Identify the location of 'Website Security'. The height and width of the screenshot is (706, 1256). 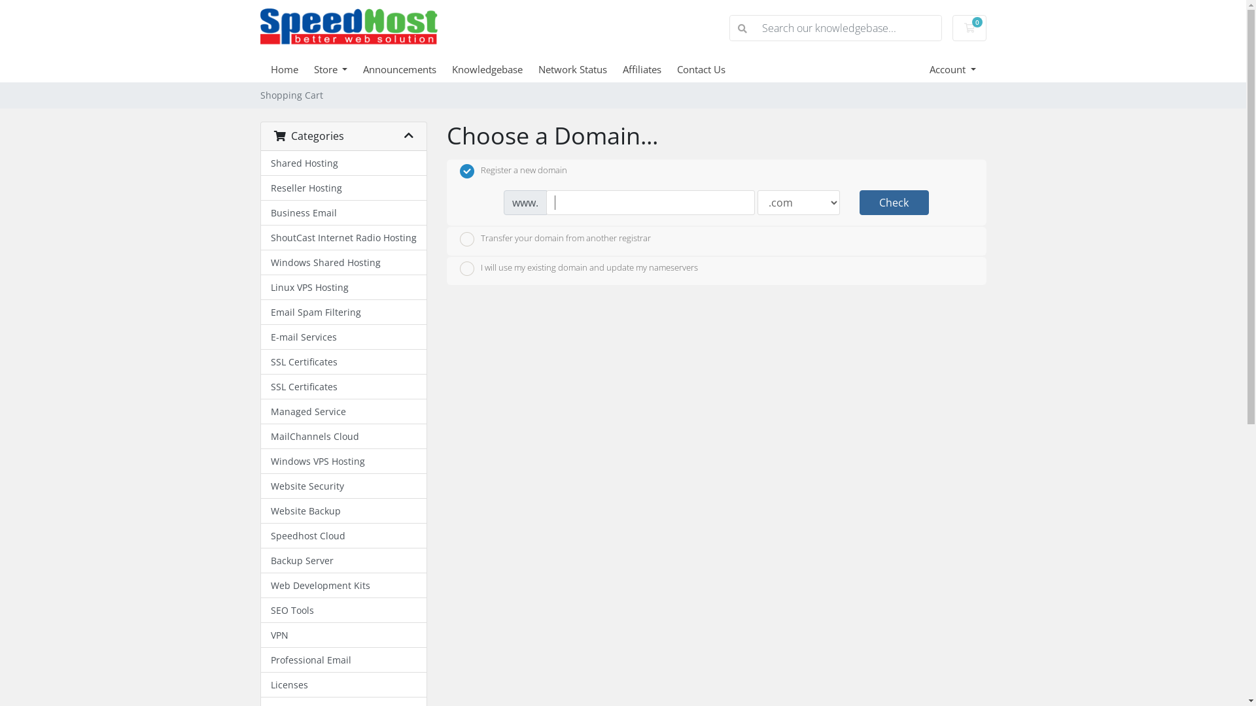
(343, 486).